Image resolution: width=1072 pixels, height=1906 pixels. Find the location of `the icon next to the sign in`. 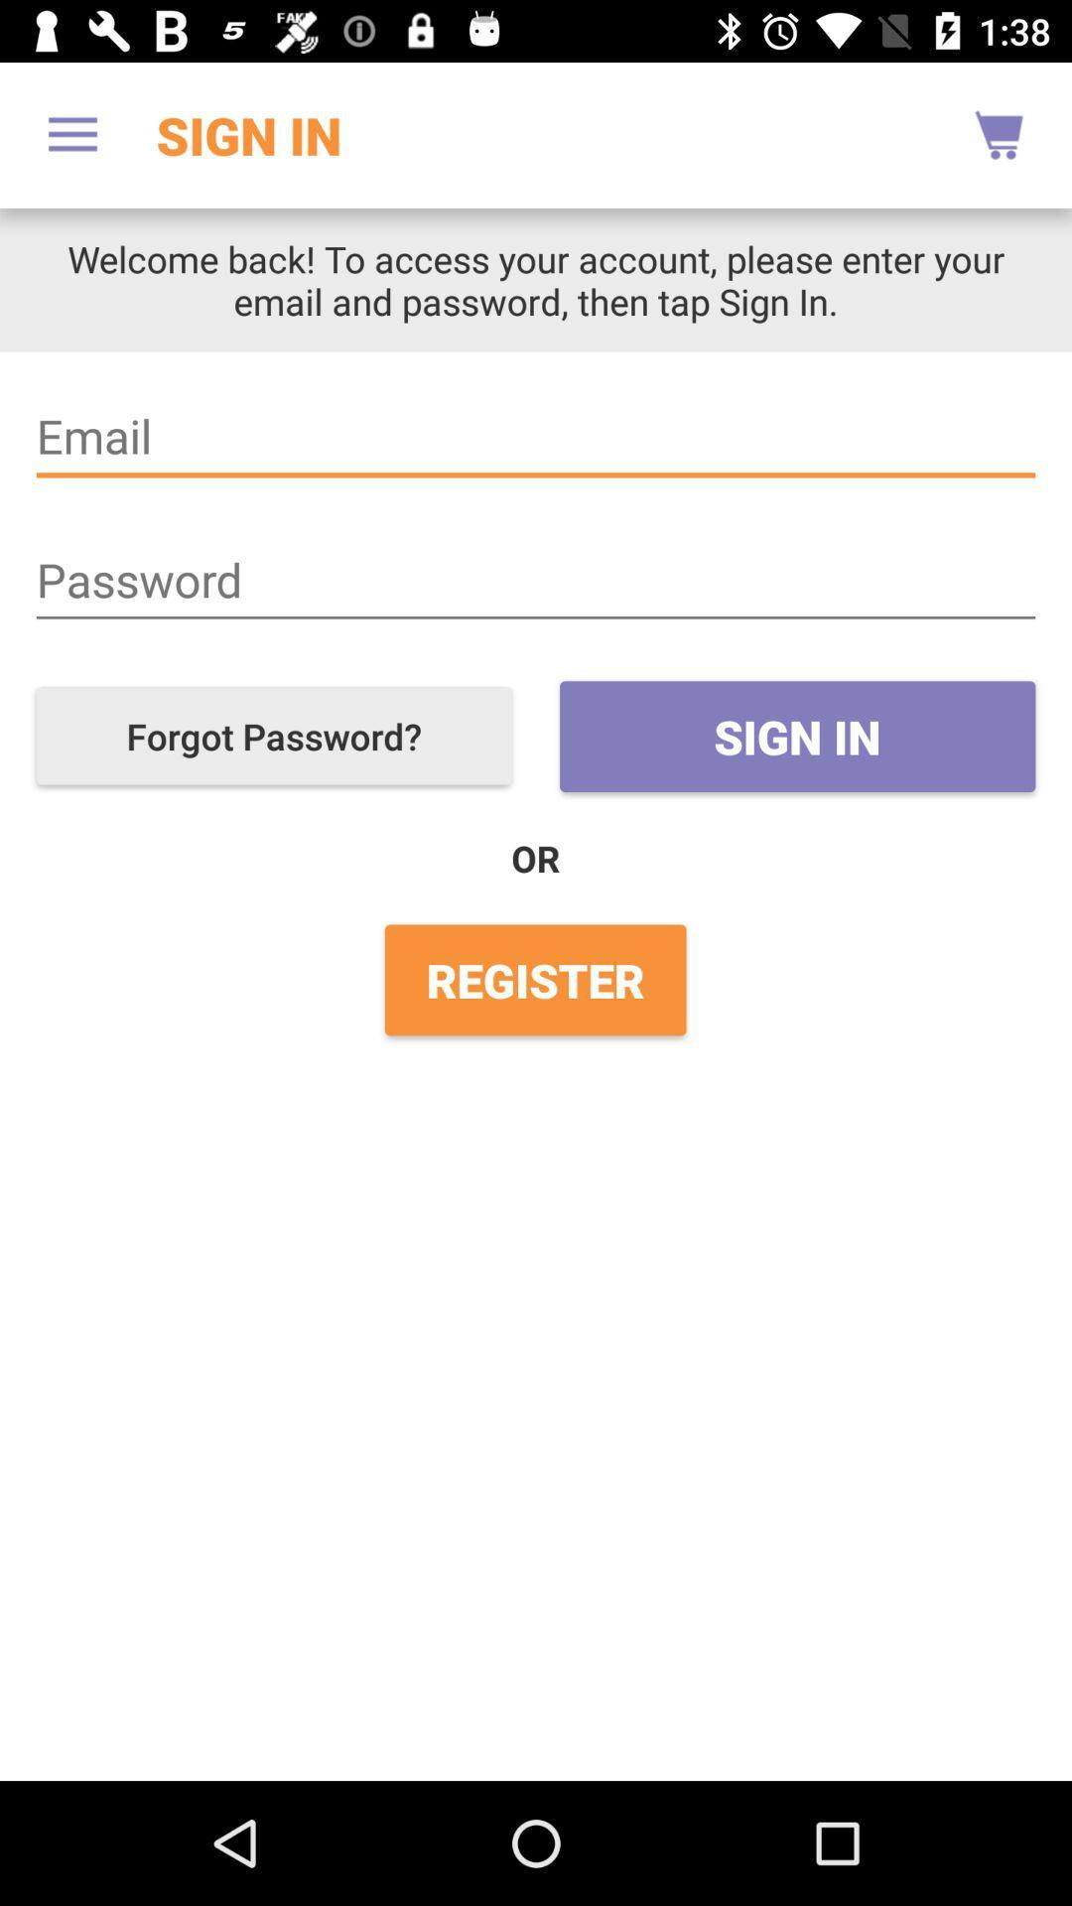

the icon next to the sign in is located at coordinates (274, 735).